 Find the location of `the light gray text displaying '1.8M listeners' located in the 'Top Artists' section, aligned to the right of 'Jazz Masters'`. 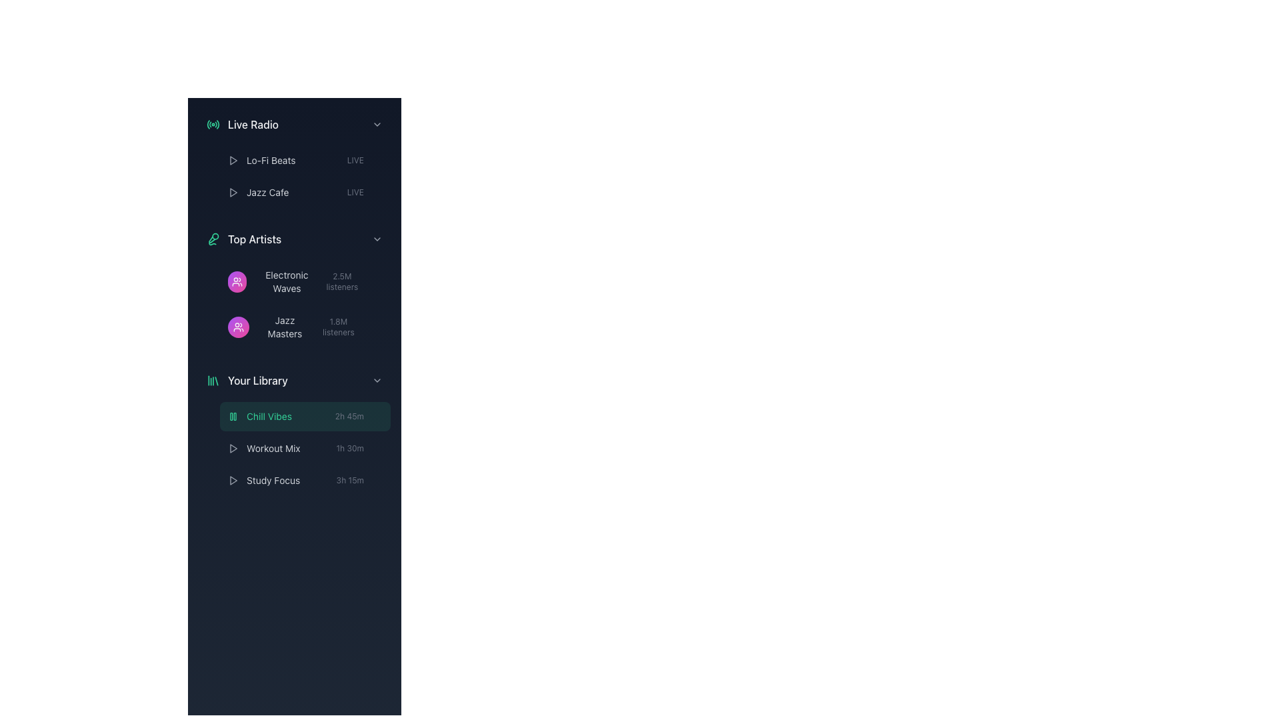

the light gray text displaying '1.8M listeners' located in the 'Top Artists' section, aligned to the right of 'Jazz Masters' is located at coordinates (347, 327).